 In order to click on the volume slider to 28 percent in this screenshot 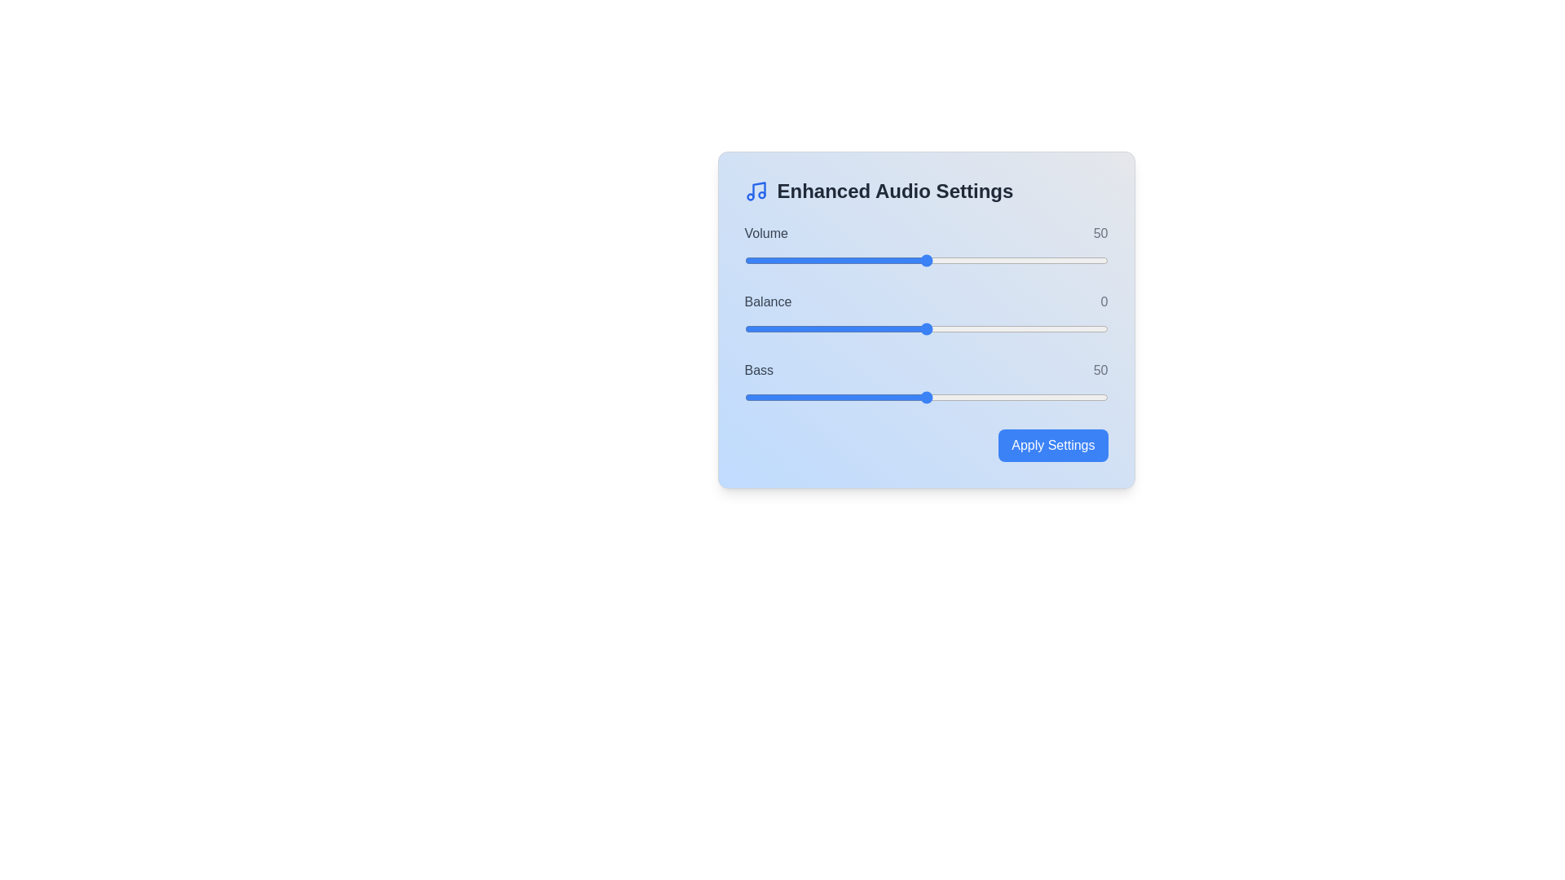, I will do `click(846, 260)`.